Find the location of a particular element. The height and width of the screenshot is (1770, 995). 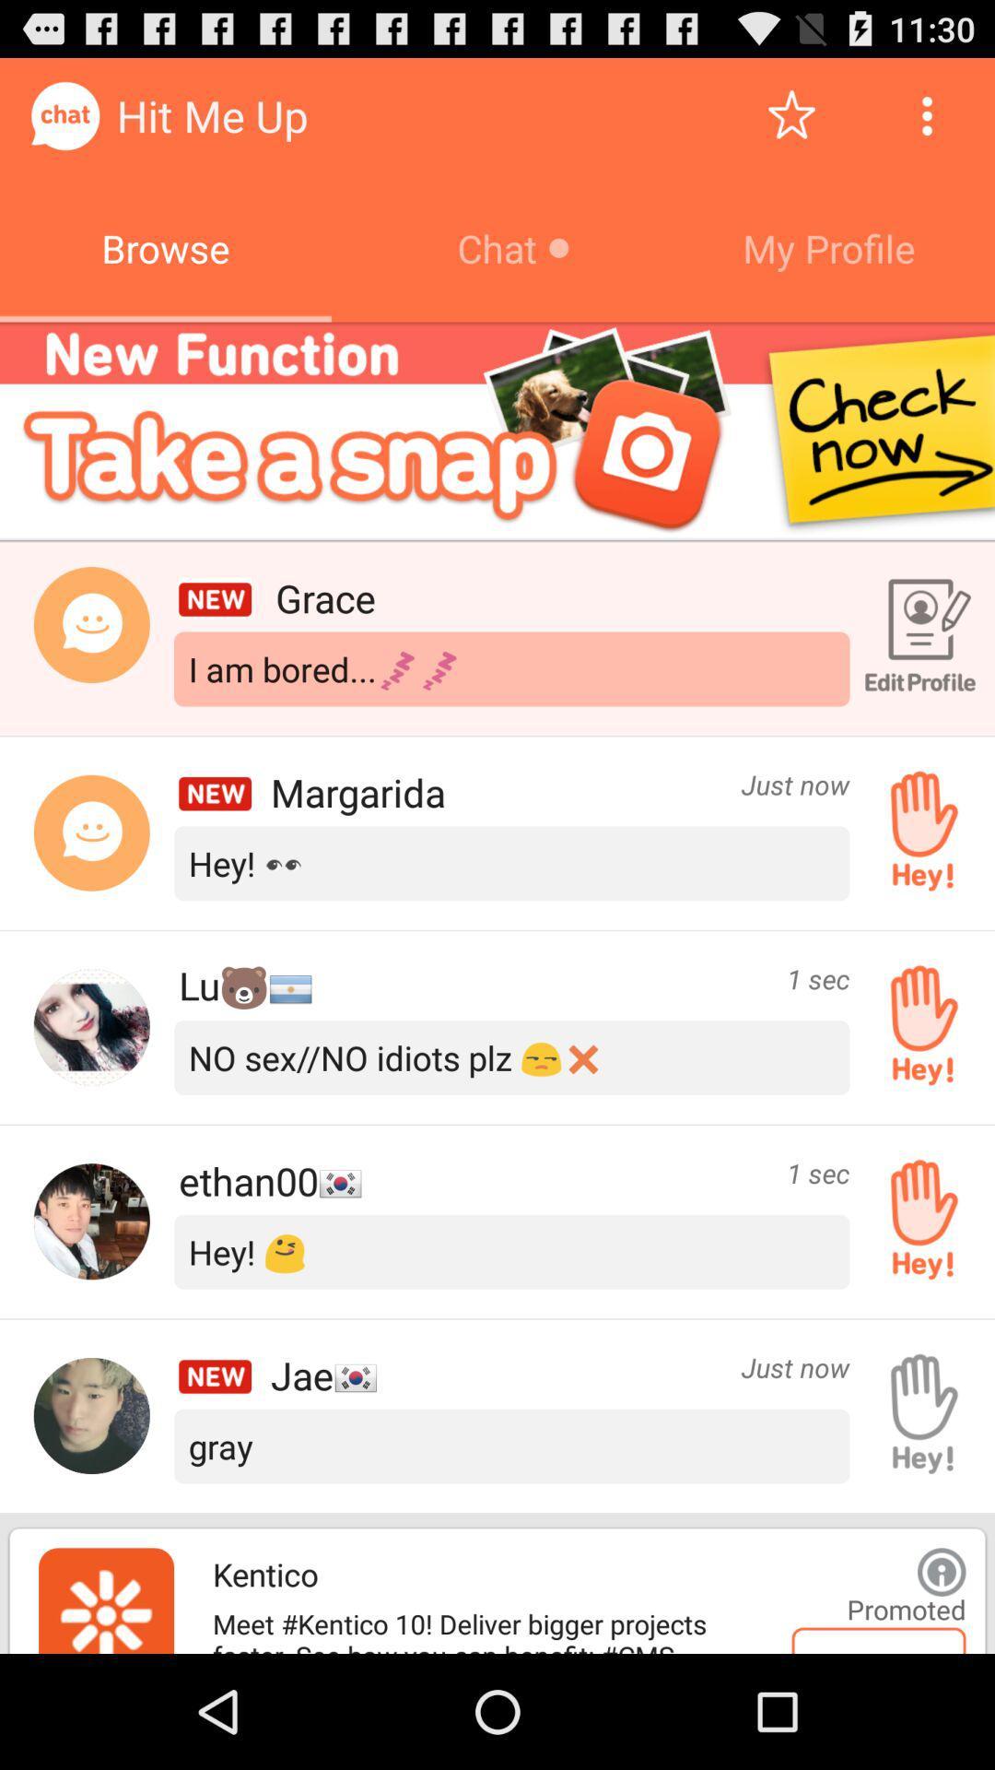

send invitation is located at coordinates (917, 1221).